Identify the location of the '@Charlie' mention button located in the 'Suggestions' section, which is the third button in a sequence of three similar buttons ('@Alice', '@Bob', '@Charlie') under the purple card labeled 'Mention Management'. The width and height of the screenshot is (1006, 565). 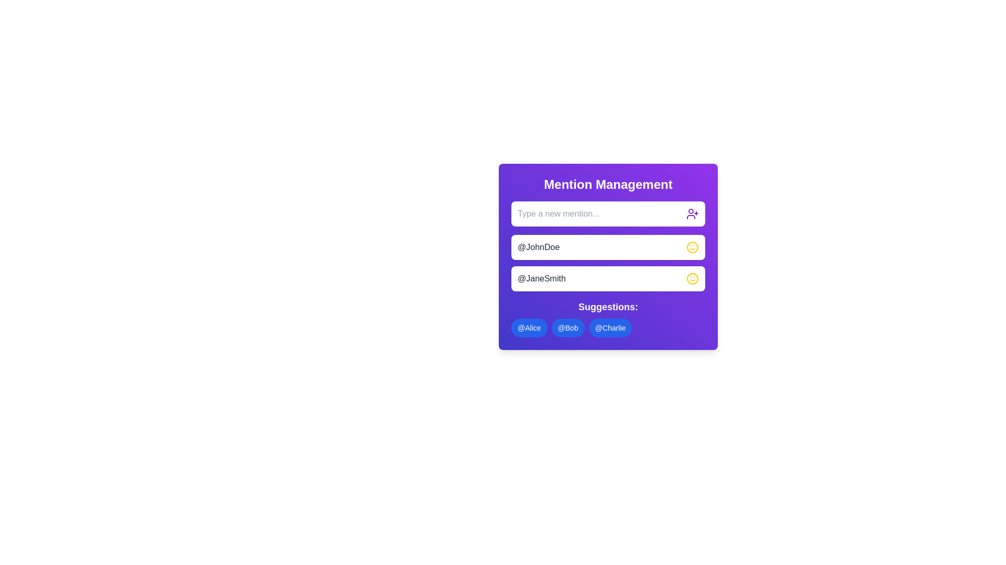
(610, 327).